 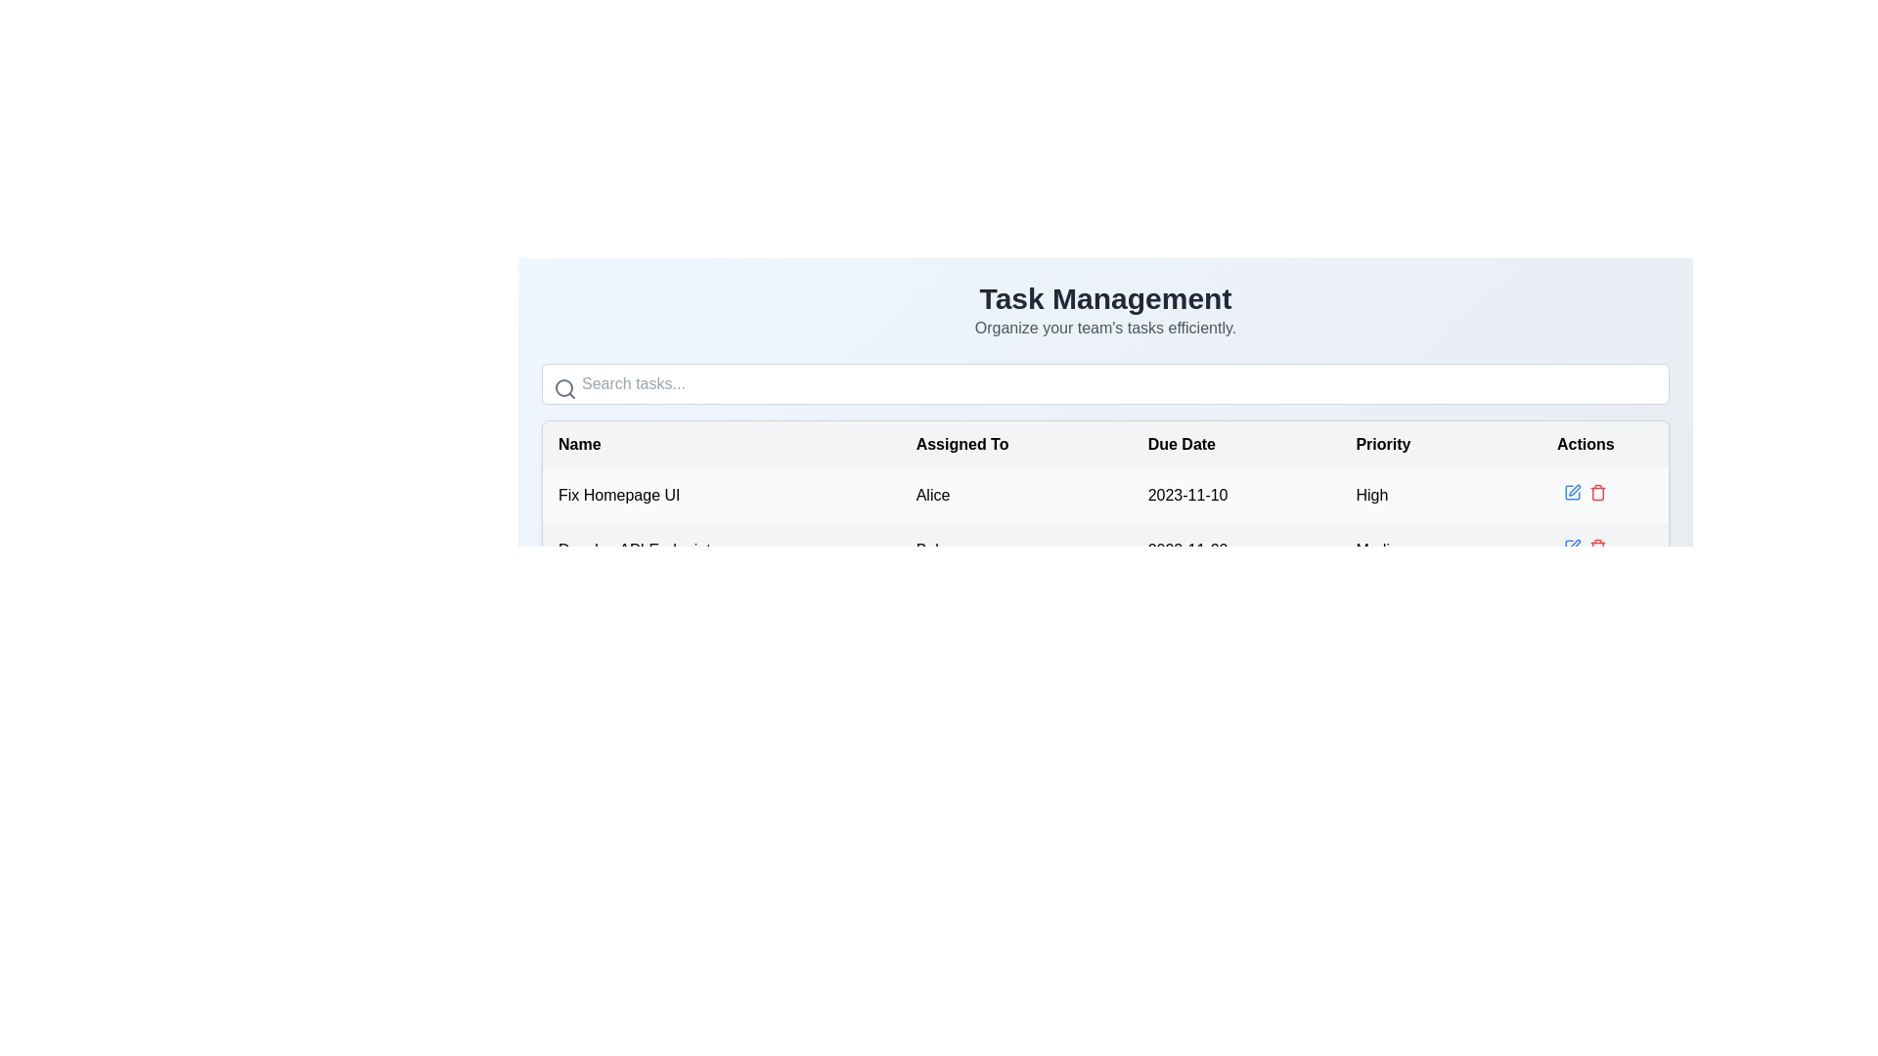 I want to click on the header text element displaying 'Task Management', which is bold and prominently positioned in the center of the header area, so click(x=1105, y=298).